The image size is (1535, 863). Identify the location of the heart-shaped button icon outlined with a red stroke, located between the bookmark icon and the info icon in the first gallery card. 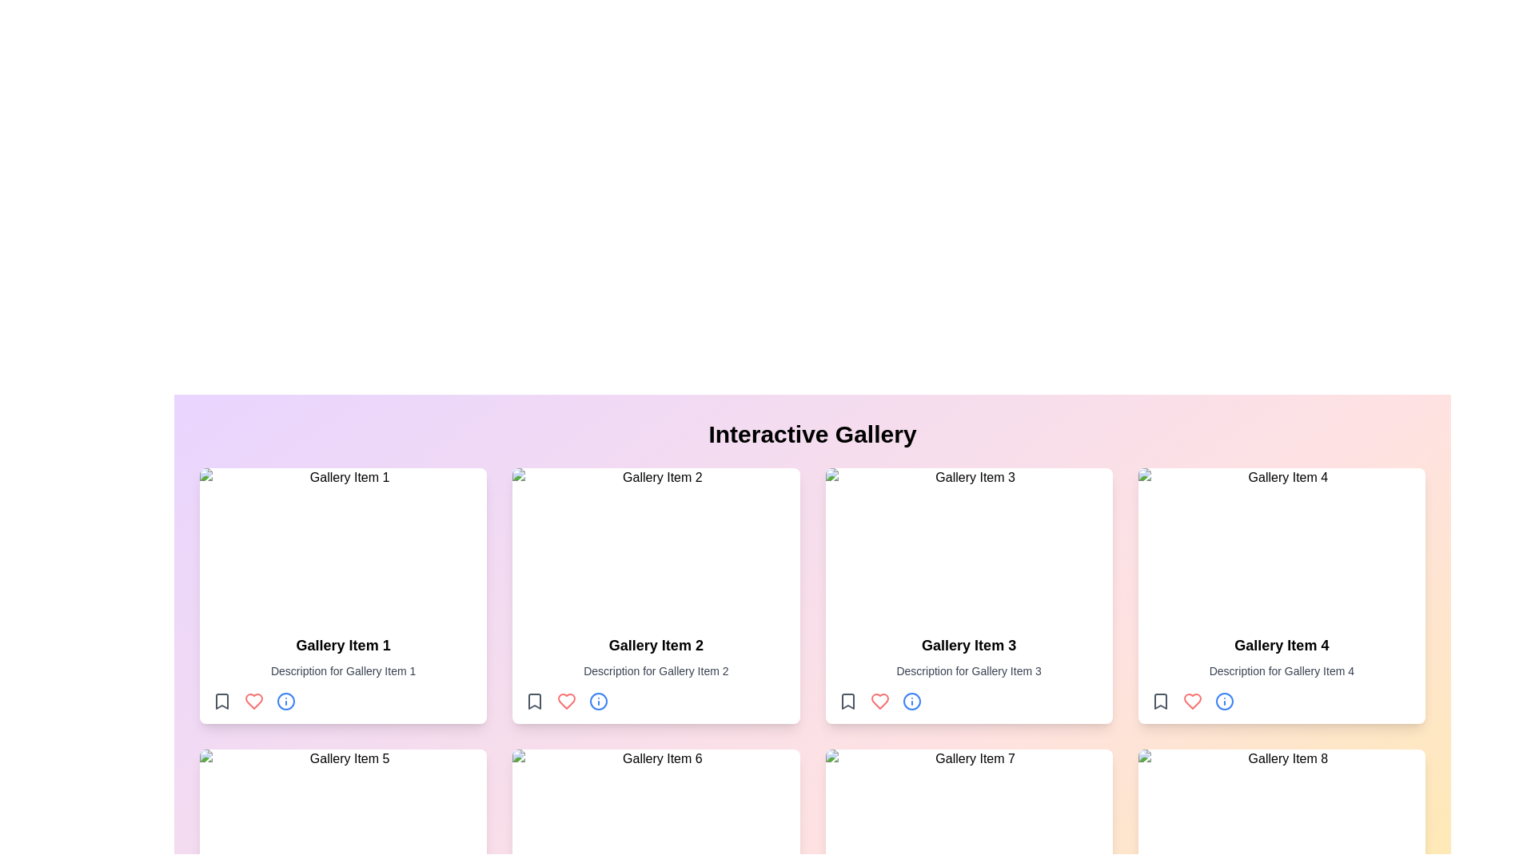
(253, 701).